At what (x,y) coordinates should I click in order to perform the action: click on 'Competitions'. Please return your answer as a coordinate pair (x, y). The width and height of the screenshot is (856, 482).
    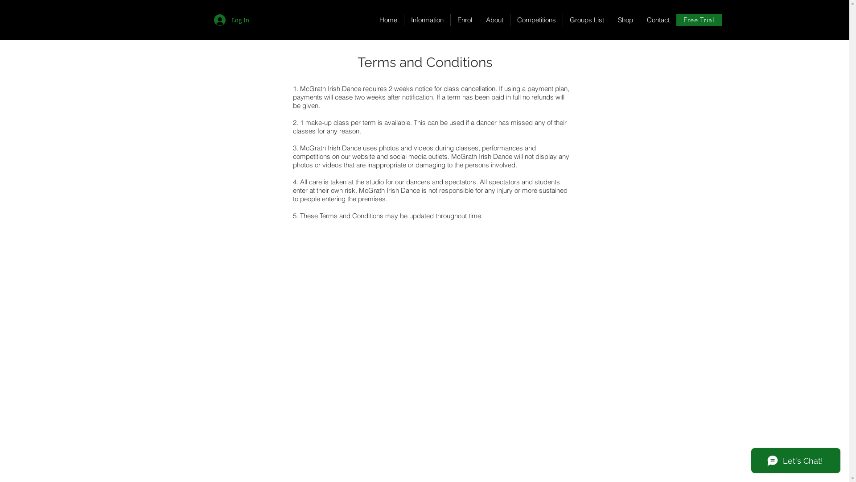
    Looking at the image, I should click on (510, 20).